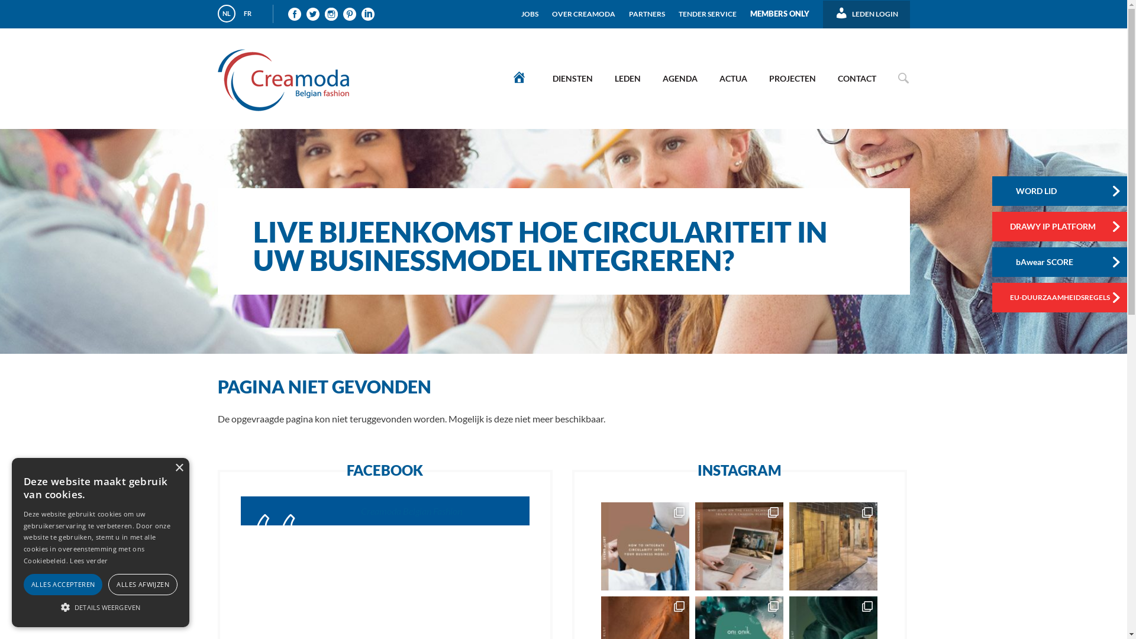 The width and height of the screenshot is (1136, 639). What do you see at coordinates (628, 9) in the screenshot?
I see `'PARTNERS'` at bounding box center [628, 9].